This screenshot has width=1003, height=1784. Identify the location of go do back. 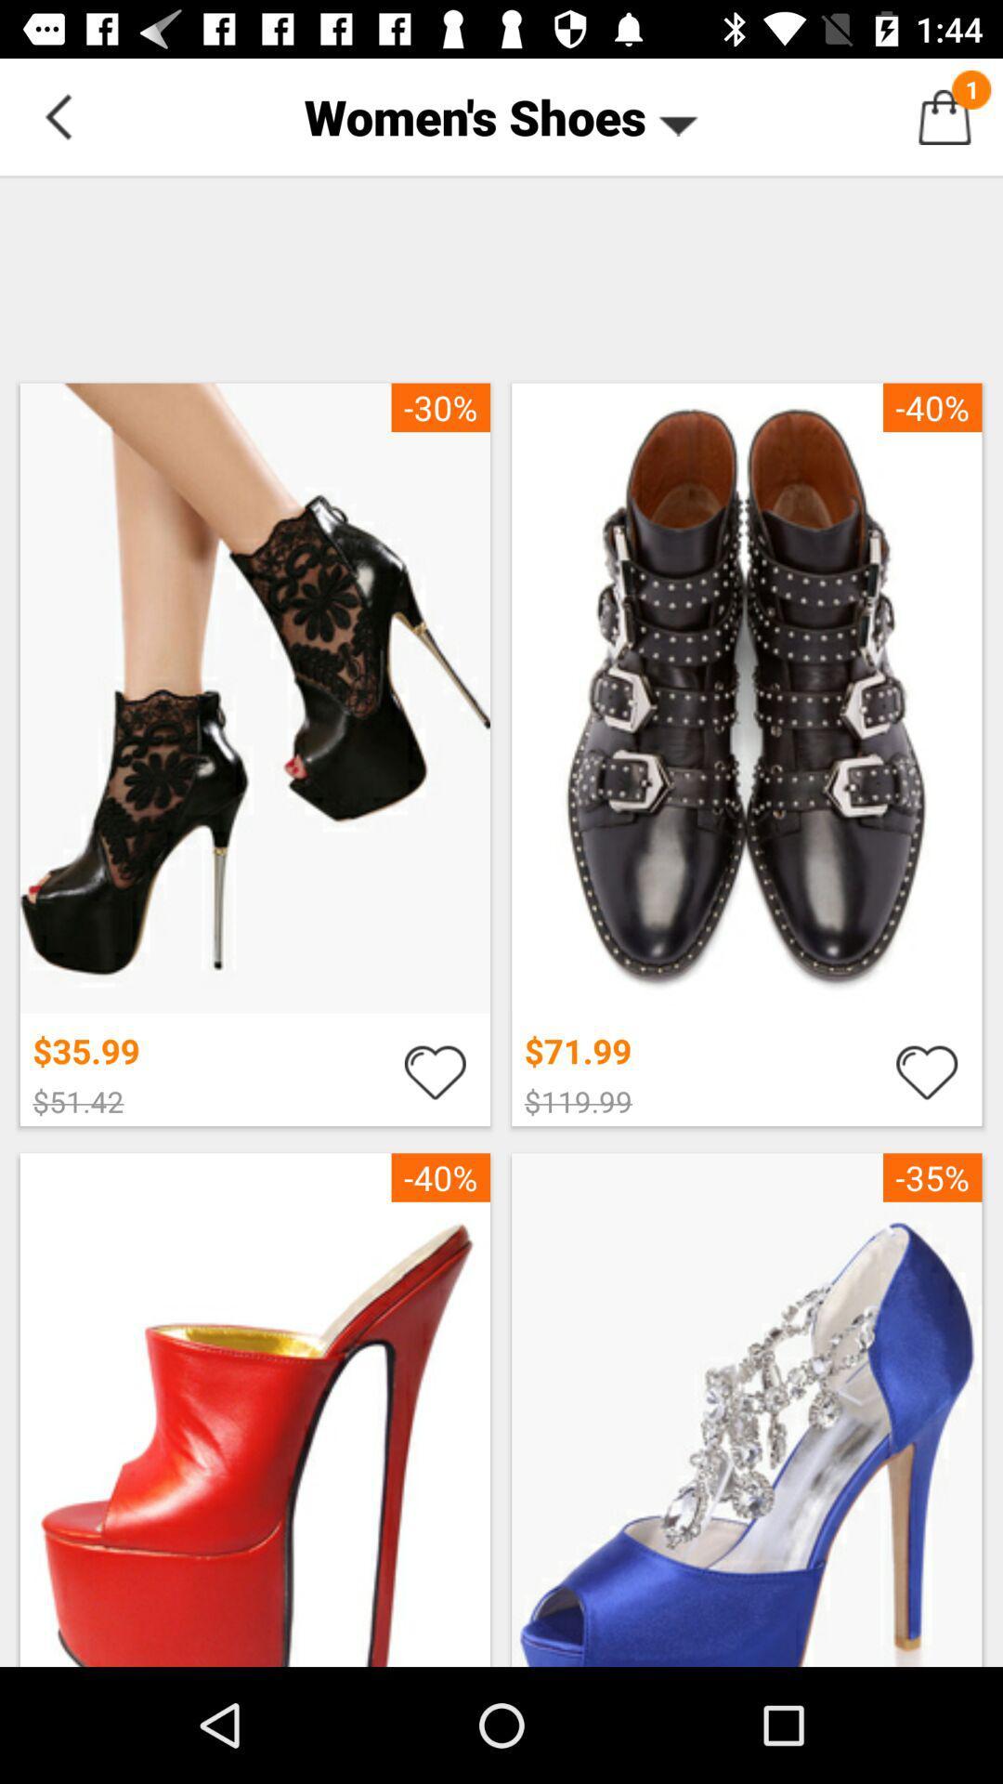
(57, 115).